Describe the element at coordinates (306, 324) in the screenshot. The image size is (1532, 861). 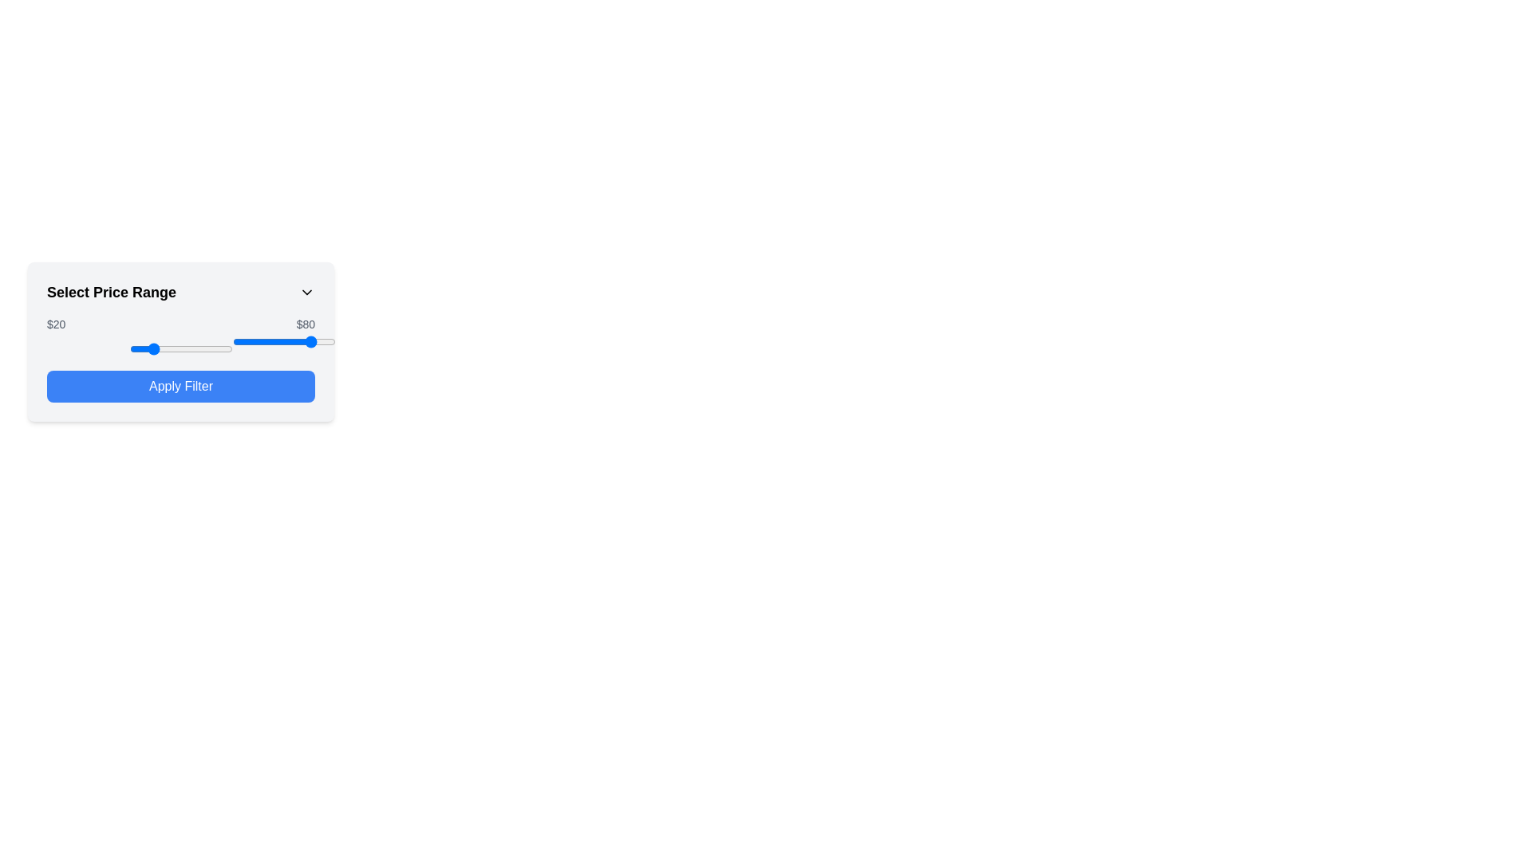
I see `the static text label indicating the maximum selectable value of the slider, which displays '$80' and is positioned on the far right near the slider's right handle` at that location.